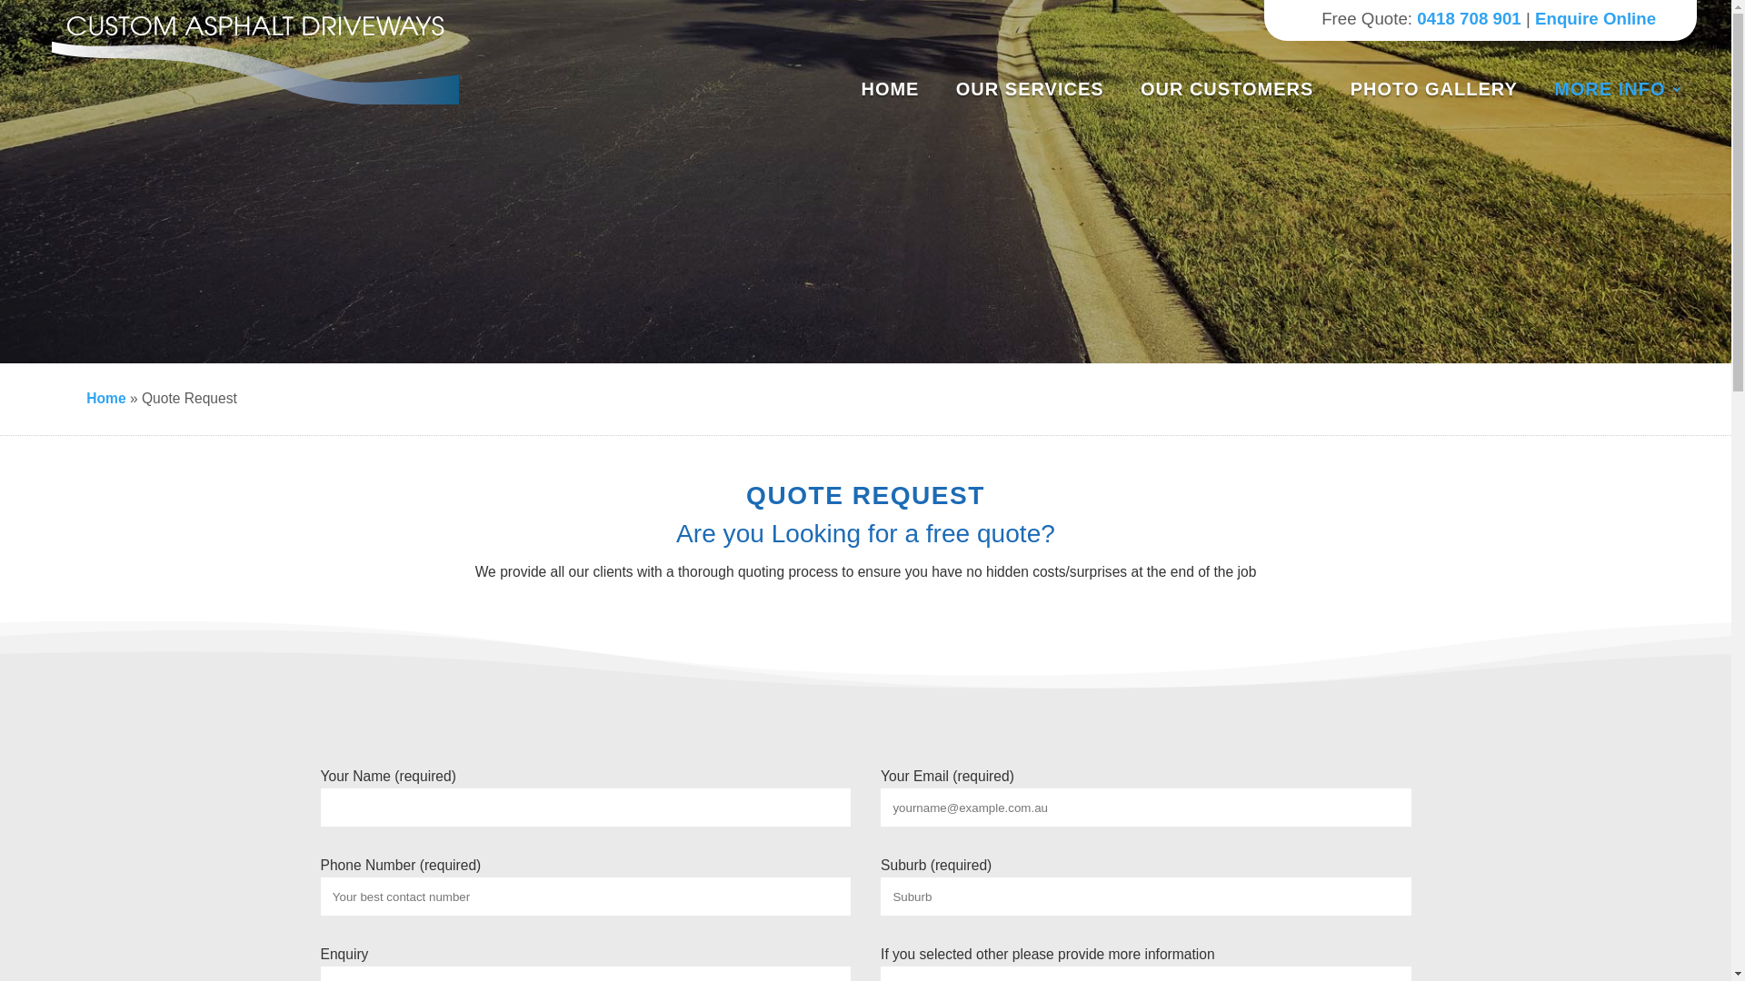 This screenshot has width=1745, height=981. Describe the element at coordinates (1618, 88) in the screenshot. I see `'MORE INFO'` at that location.